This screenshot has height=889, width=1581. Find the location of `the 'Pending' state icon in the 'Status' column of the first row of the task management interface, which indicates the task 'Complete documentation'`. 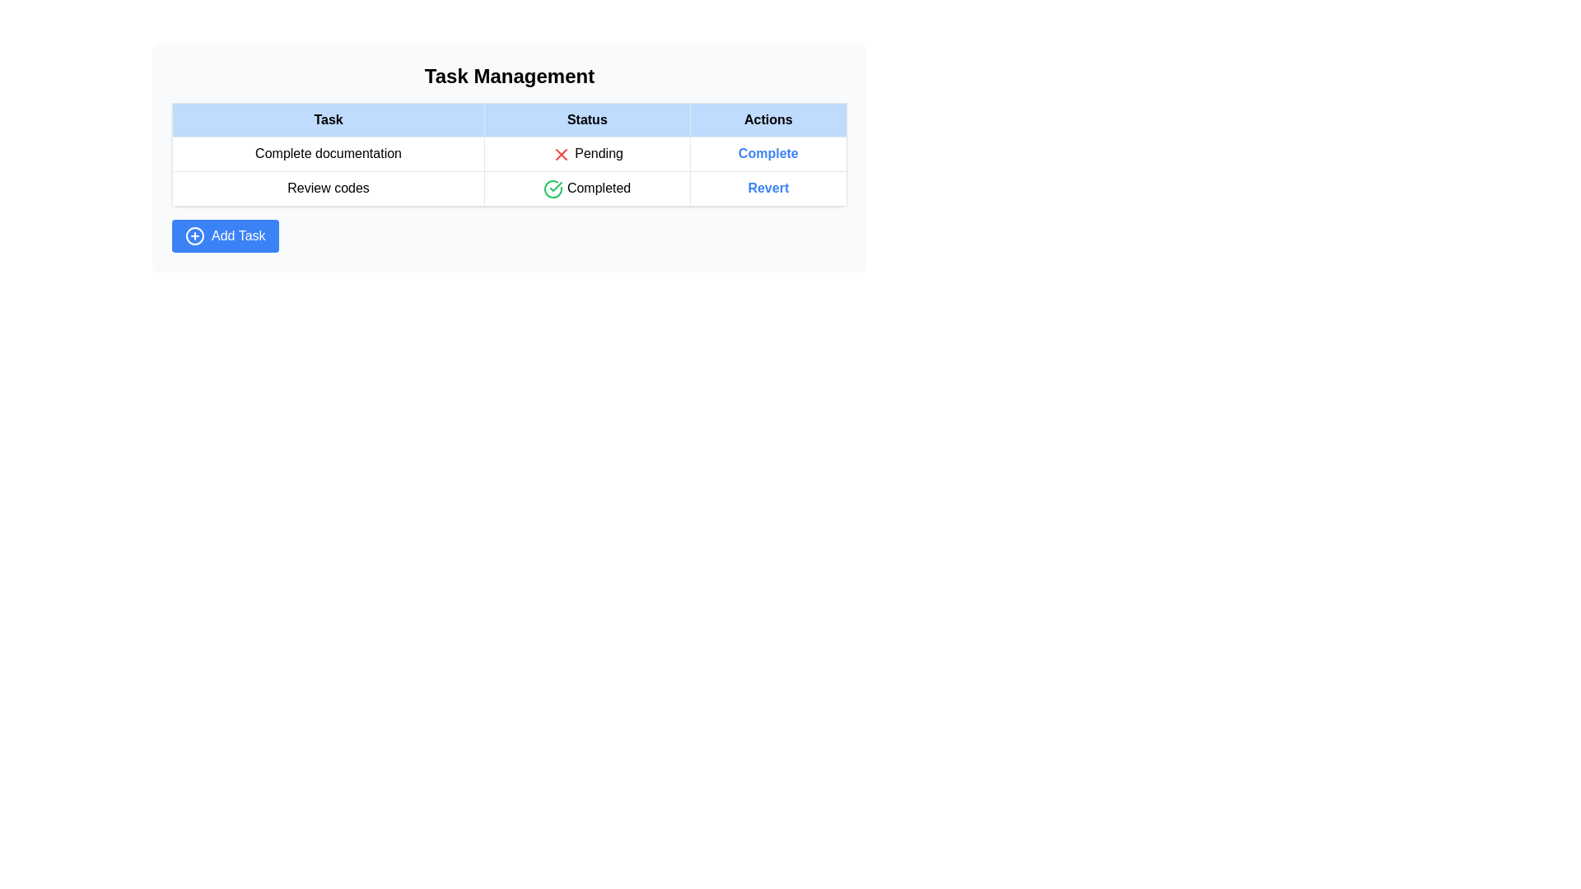

the 'Pending' state icon in the 'Status' column of the first row of the task management interface, which indicates the task 'Complete documentation' is located at coordinates (561, 154).